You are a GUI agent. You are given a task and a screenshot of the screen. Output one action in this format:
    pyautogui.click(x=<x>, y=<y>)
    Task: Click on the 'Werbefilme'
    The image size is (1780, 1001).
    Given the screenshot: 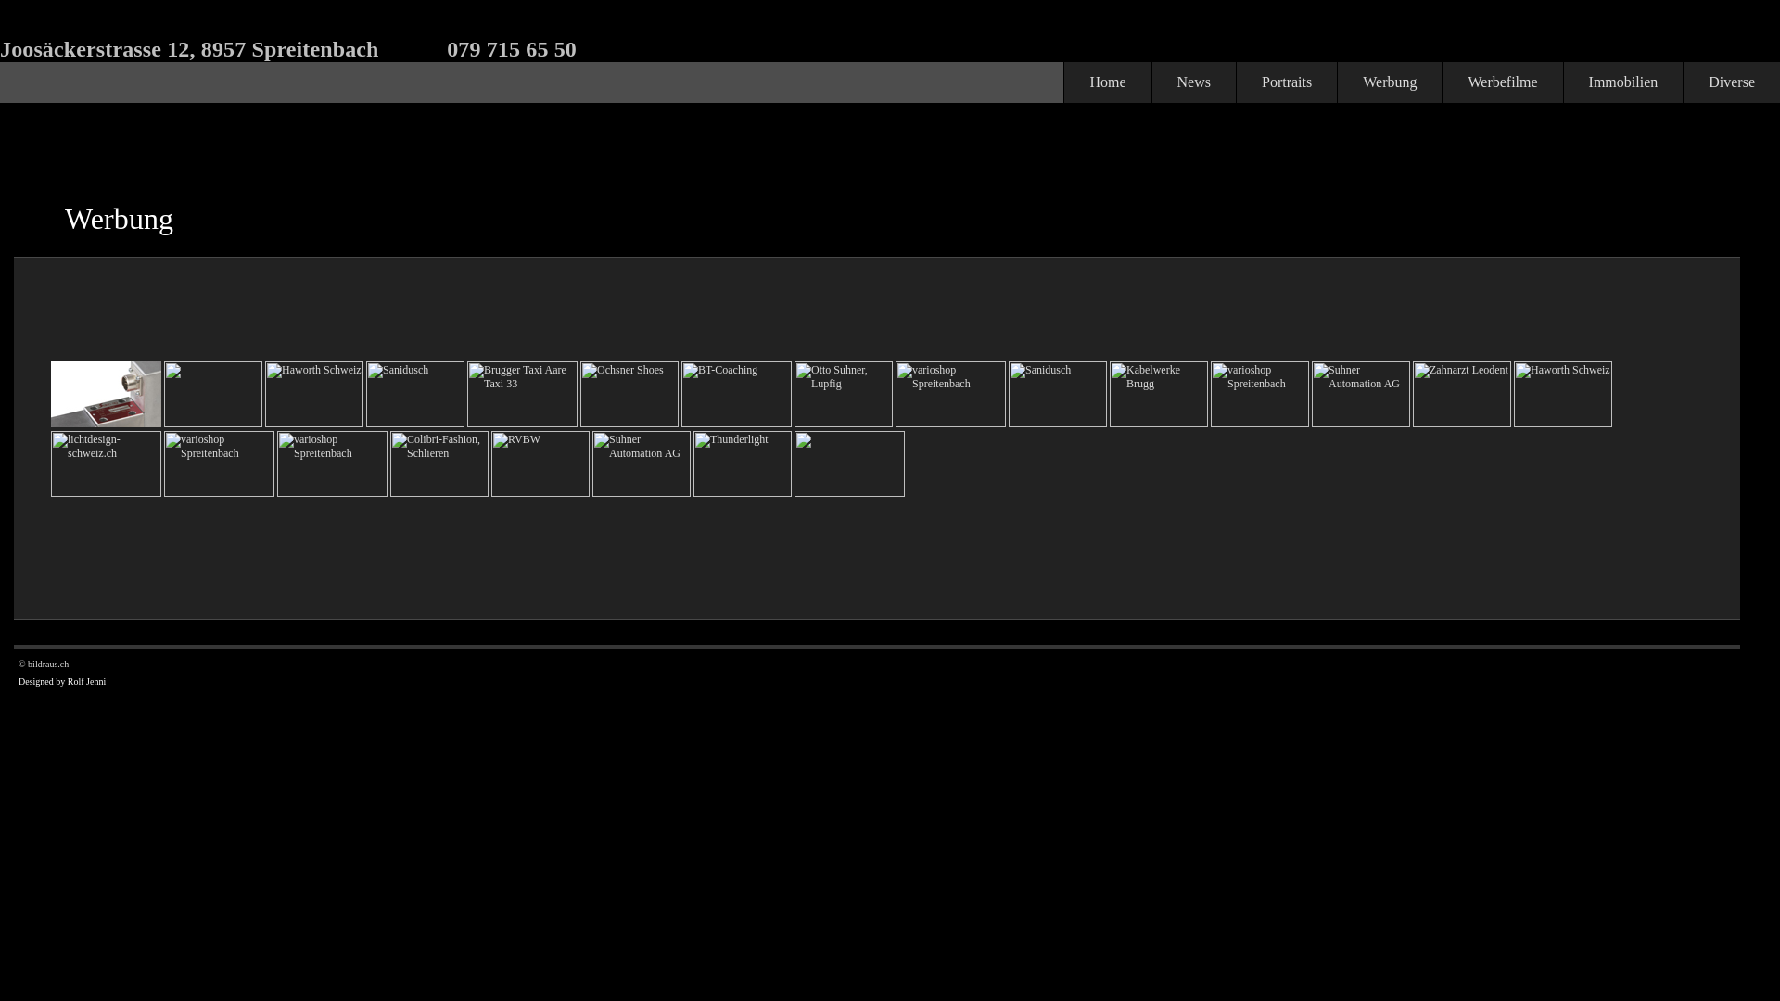 What is the action you would take?
    pyautogui.click(x=1502, y=81)
    